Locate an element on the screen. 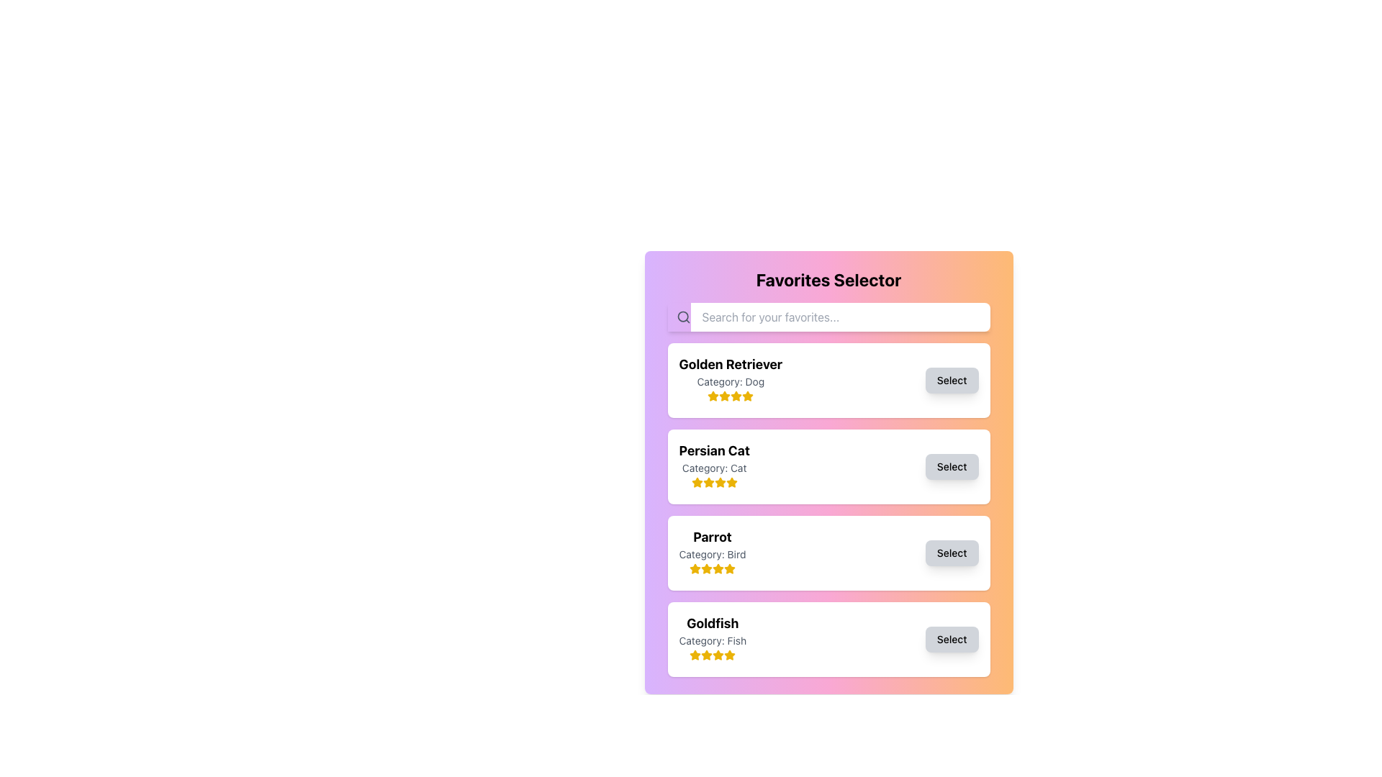  the fourth star icon in the rating display for the 'Persian Cat' item, which indicates its rating level is located at coordinates (708, 482).